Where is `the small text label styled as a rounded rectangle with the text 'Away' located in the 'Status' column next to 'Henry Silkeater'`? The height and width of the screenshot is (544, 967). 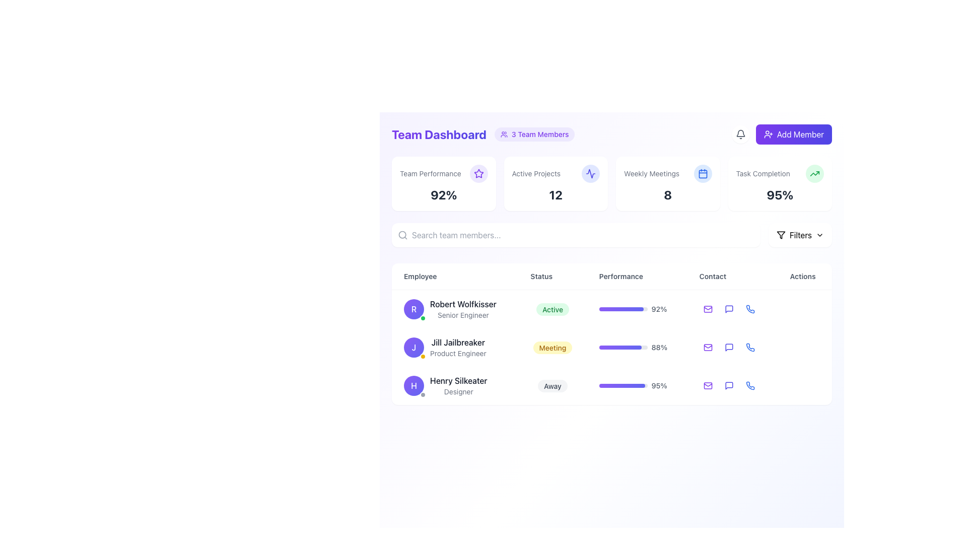
the small text label styled as a rounded rectangle with the text 'Away' located in the 'Status' column next to 'Henry Silkeater' is located at coordinates (552, 385).